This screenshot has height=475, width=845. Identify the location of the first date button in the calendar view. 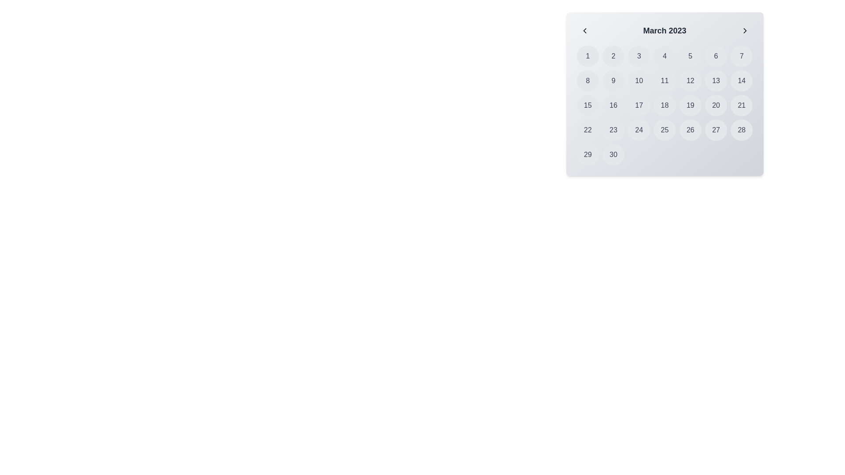
(588, 56).